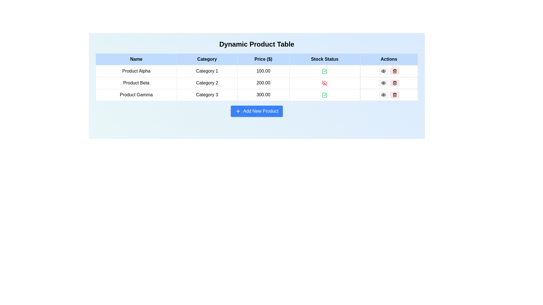 The image size is (543, 305). I want to click on the static text display showing the price of 'Product Beta' located in the third column of the second row of the table, under the 'Price ($)' header, so click(263, 83).